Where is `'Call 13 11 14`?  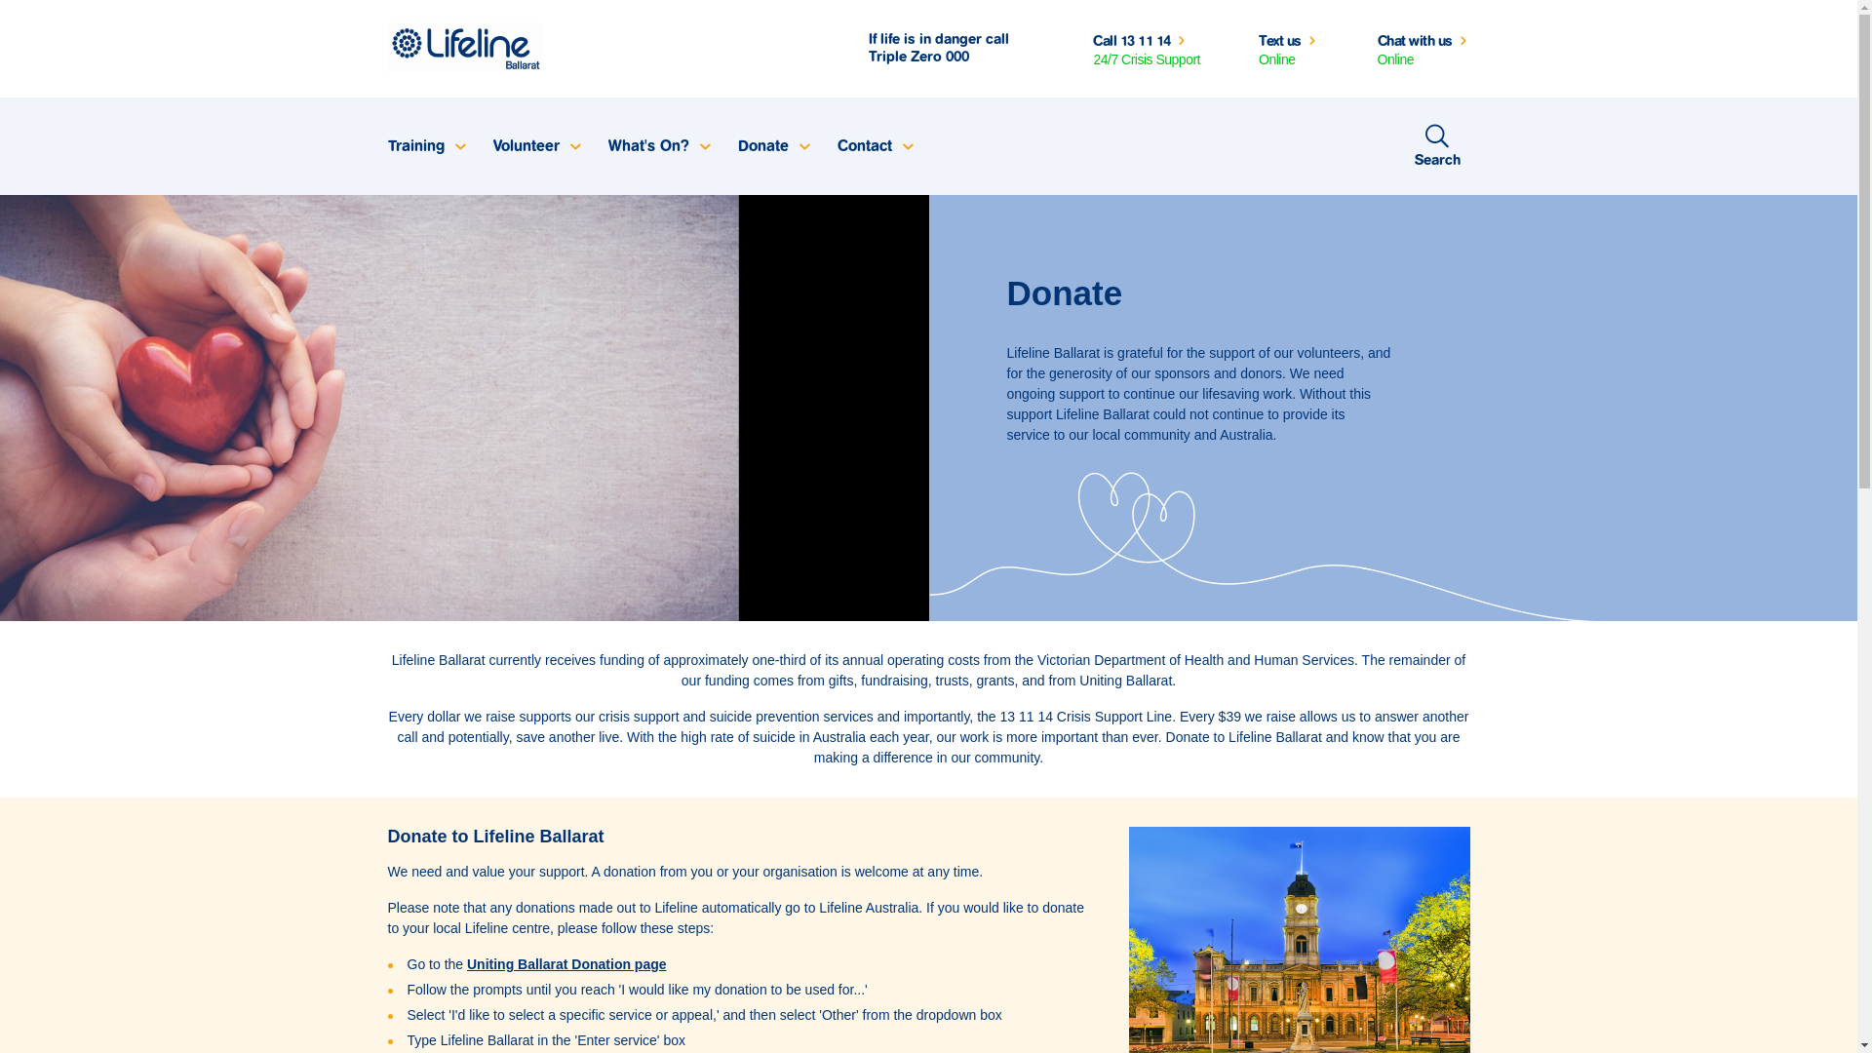 'Call 13 11 14 is located at coordinates (1093, 48).